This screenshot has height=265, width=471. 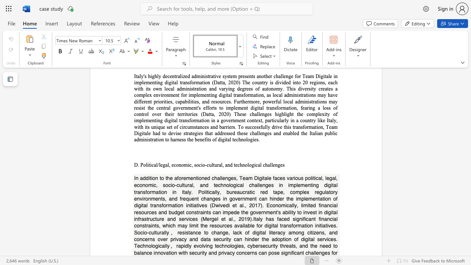 What do you see at coordinates (135, 252) in the screenshot?
I see `the 2th character "b" in the text` at bounding box center [135, 252].